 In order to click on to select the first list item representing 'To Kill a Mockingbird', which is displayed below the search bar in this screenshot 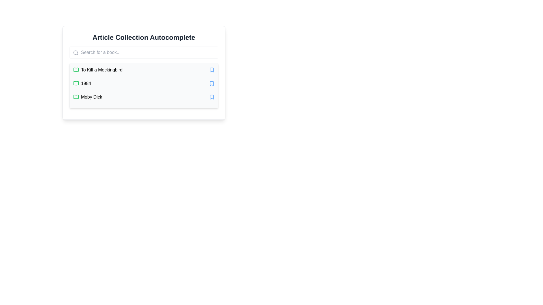, I will do `click(98, 69)`.